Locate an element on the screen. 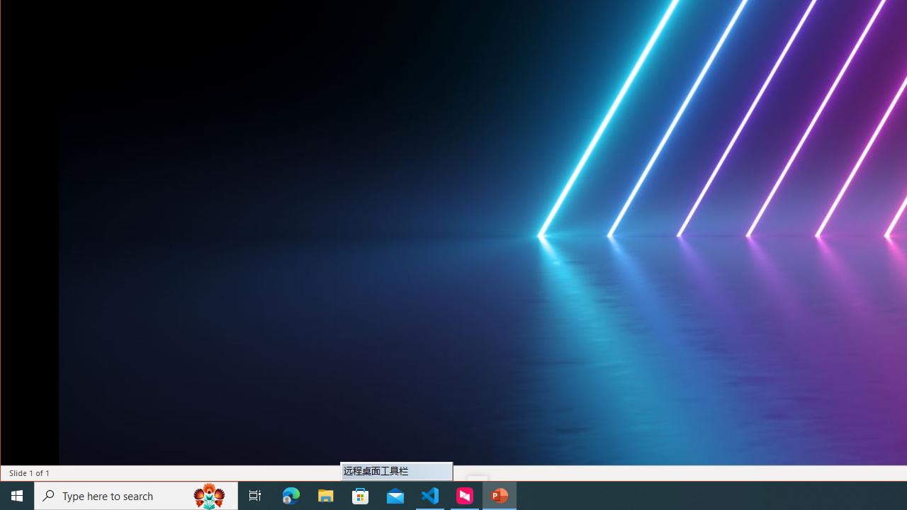  'Visual Studio Code - 1 running window' is located at coordinates (429, 494).